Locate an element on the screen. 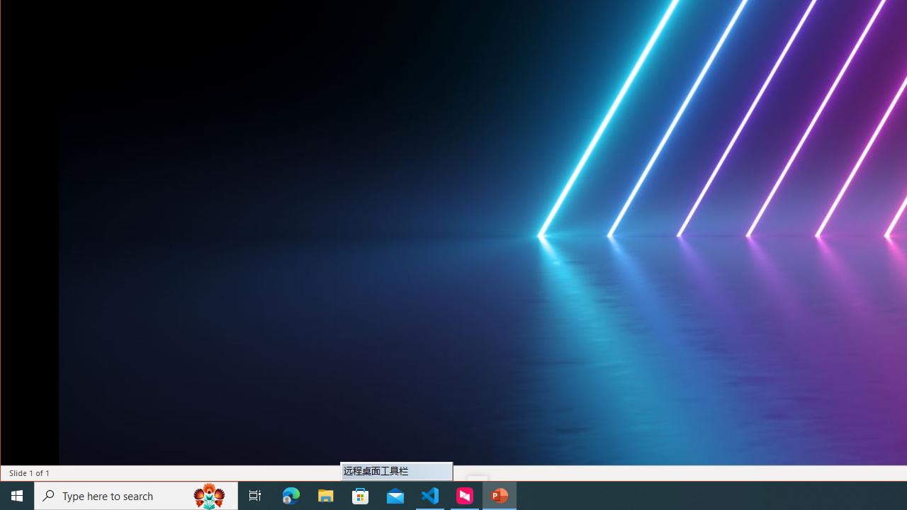  'Visual Studio Code - 1 running window' is located at coordinates (429, 494).